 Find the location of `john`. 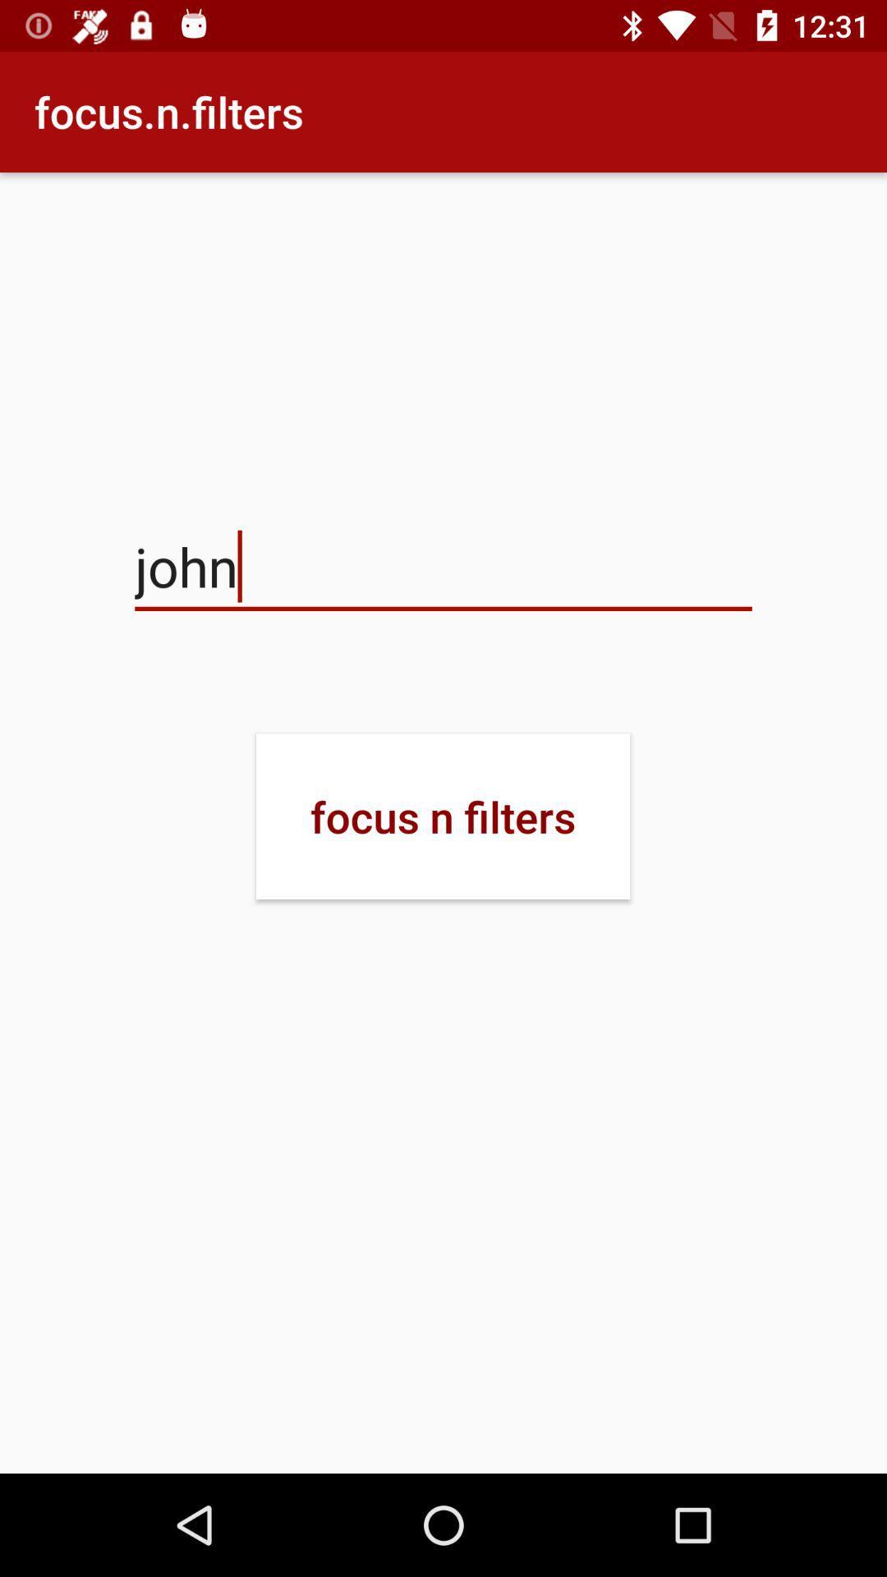

john is located at coordinates (443, 567).